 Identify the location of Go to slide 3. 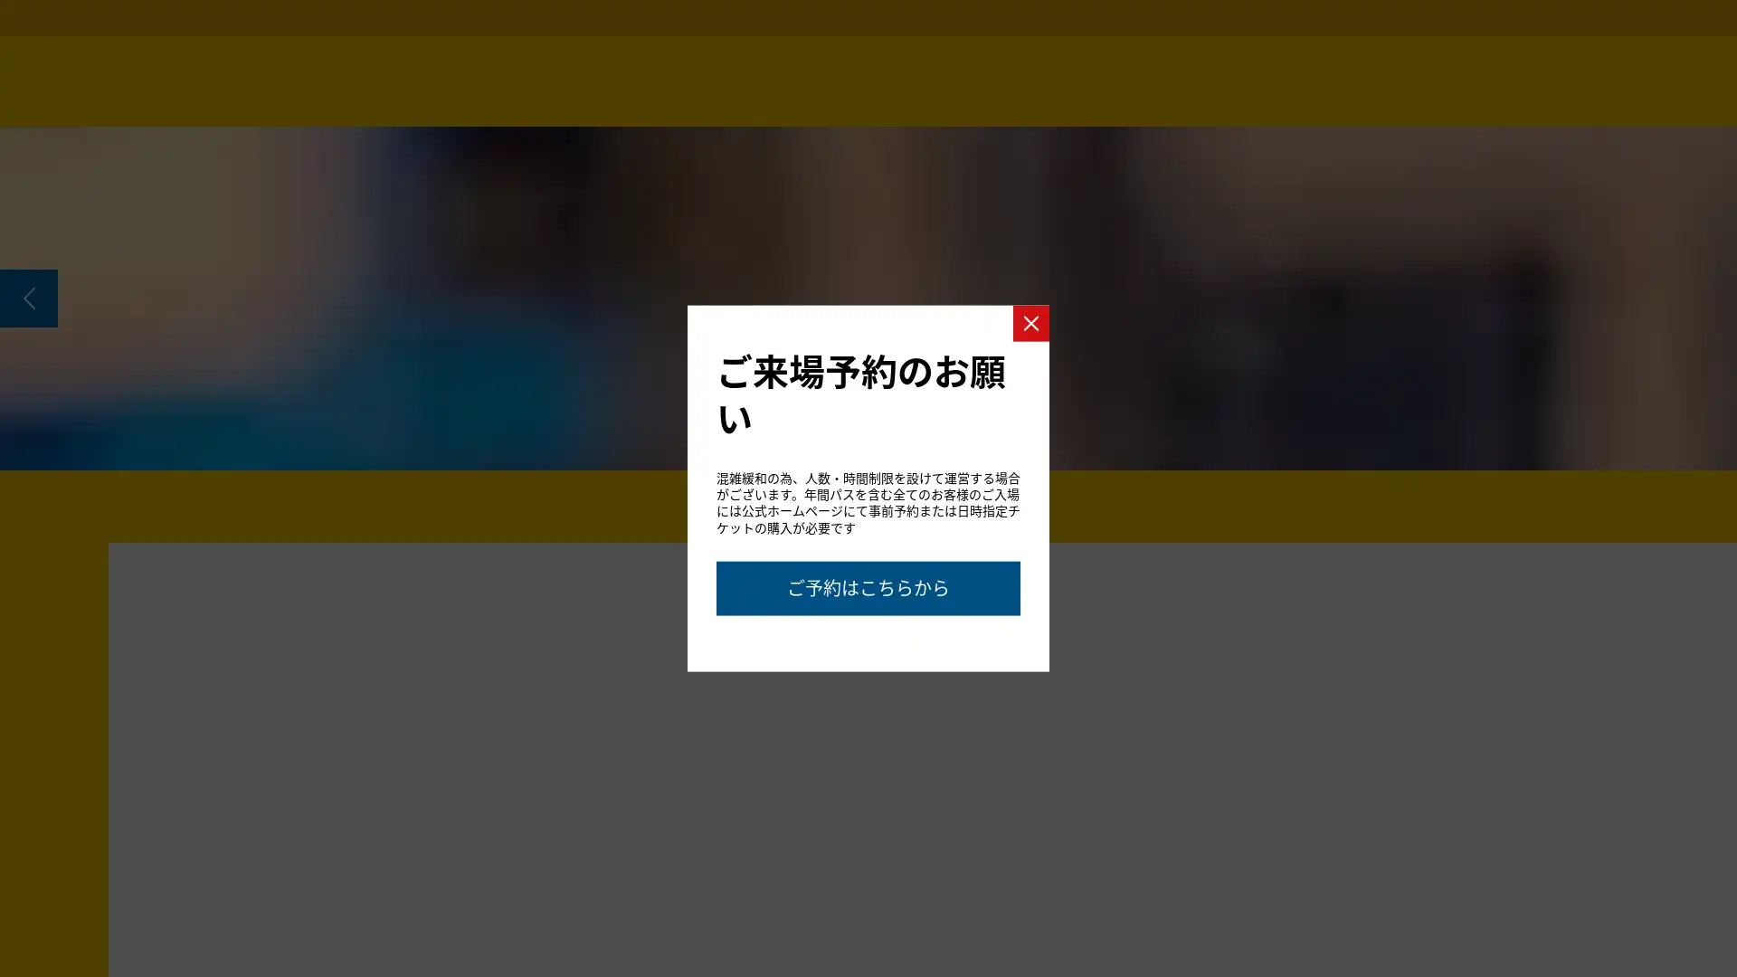
(889, 700).